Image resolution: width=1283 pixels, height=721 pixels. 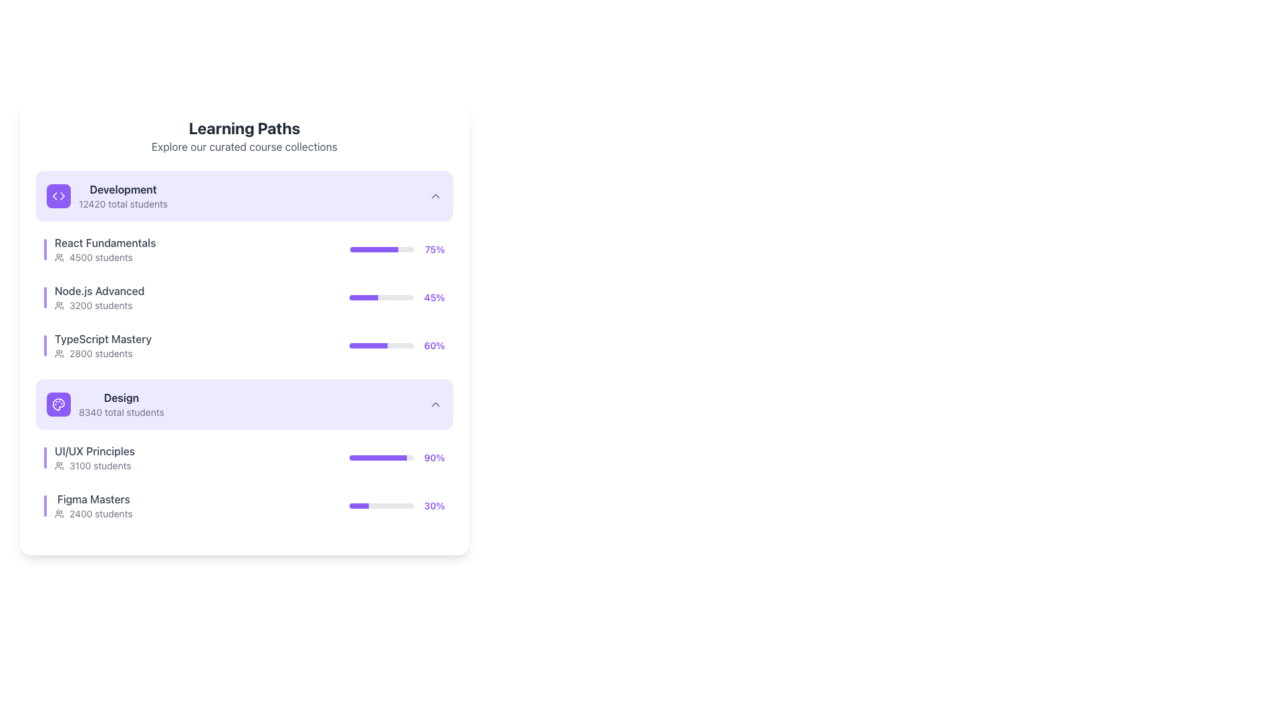 What do you see at coordinates (382, 250) in the screenshot?
I see `the topmost progress bar indicating 75% progress next to the 'React Fundamentals' text` at bounding box center [382, 250].